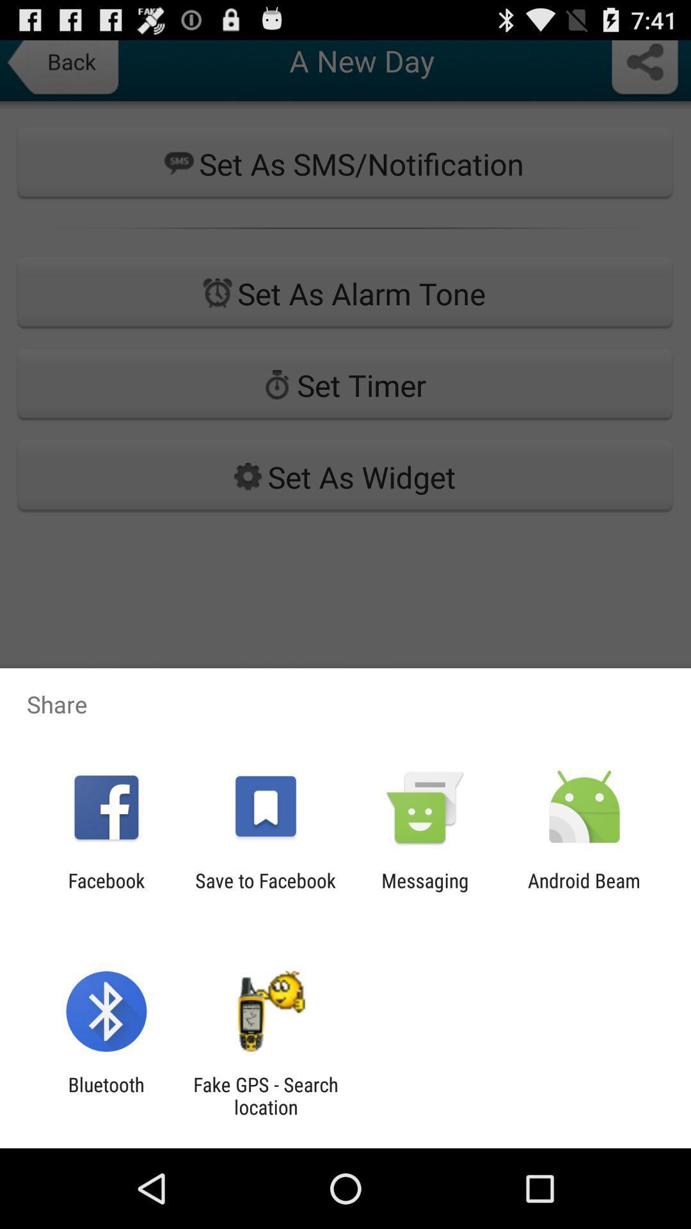  I want to click on the icon to the right of bluetooth icon, so click(265, 1095).